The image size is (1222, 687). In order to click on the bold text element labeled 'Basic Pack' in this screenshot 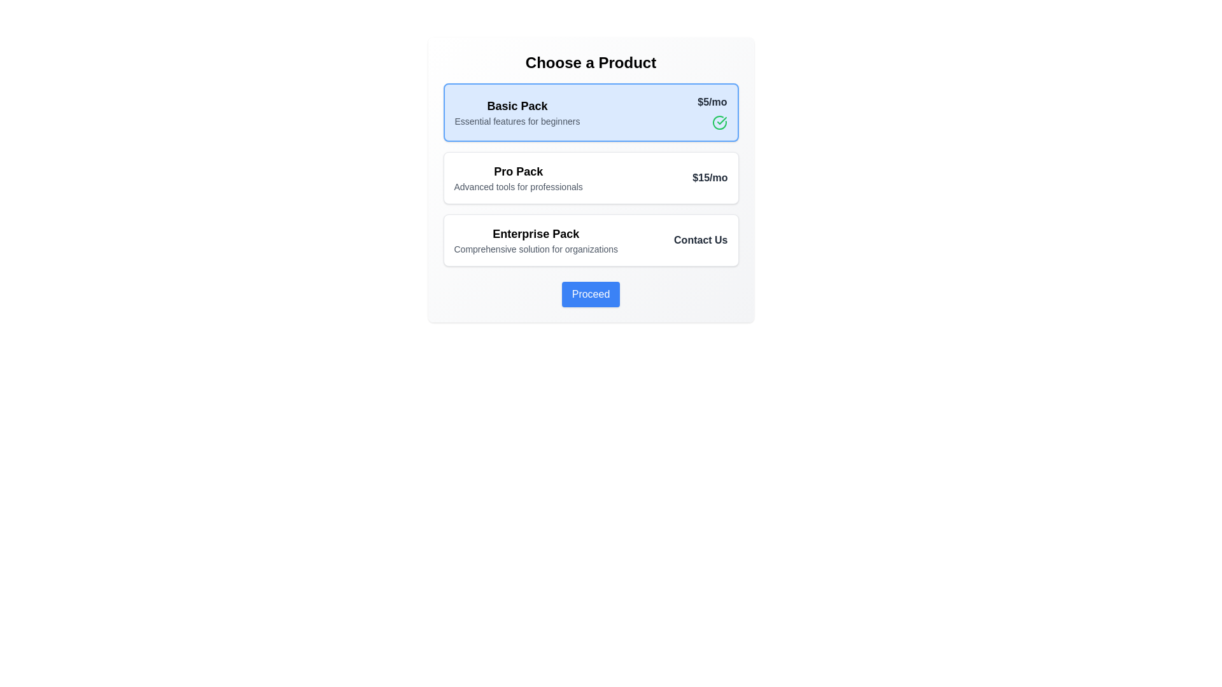, I will do `click(517, 105)`.